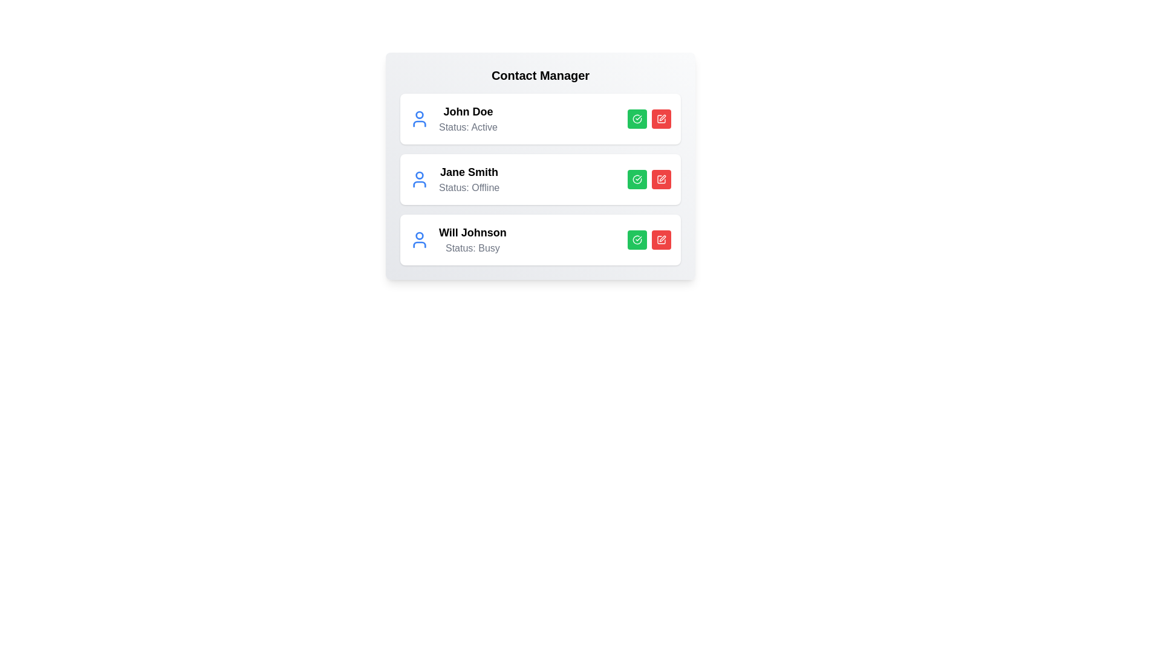  Describe the element at coordinates (637, 180) in the screenshot. I see `'Activate' button for the contact with name Jane Smith` at that location.